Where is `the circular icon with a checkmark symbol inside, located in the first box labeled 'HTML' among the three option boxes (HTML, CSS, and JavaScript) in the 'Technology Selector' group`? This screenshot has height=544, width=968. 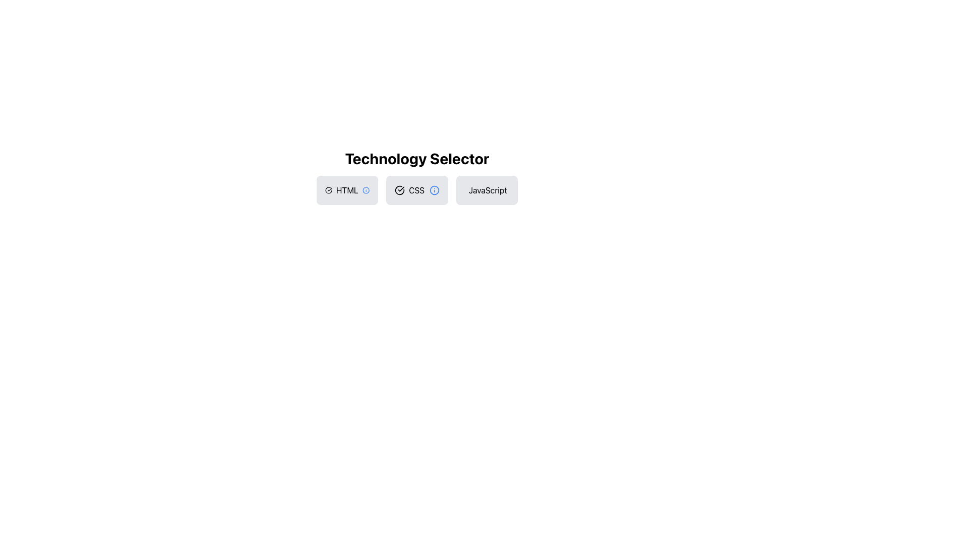 the circular icon with a checkmark symbol inside, located in the first box labeled 'HTML' among the three option boxes (HTML, CSS, and JavaScript) in the 'Technology Selector' group is located at coordinates (328, 190).